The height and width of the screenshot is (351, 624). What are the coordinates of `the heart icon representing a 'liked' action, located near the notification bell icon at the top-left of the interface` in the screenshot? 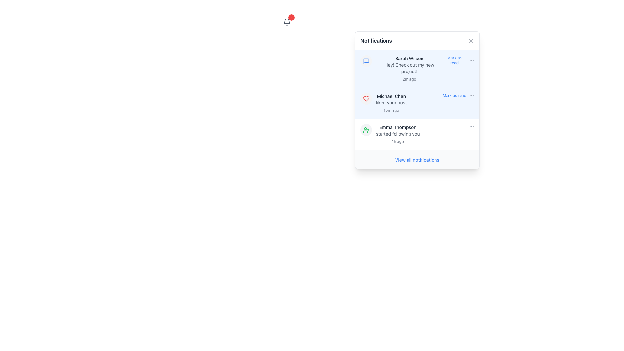 It's located at (366, 99).